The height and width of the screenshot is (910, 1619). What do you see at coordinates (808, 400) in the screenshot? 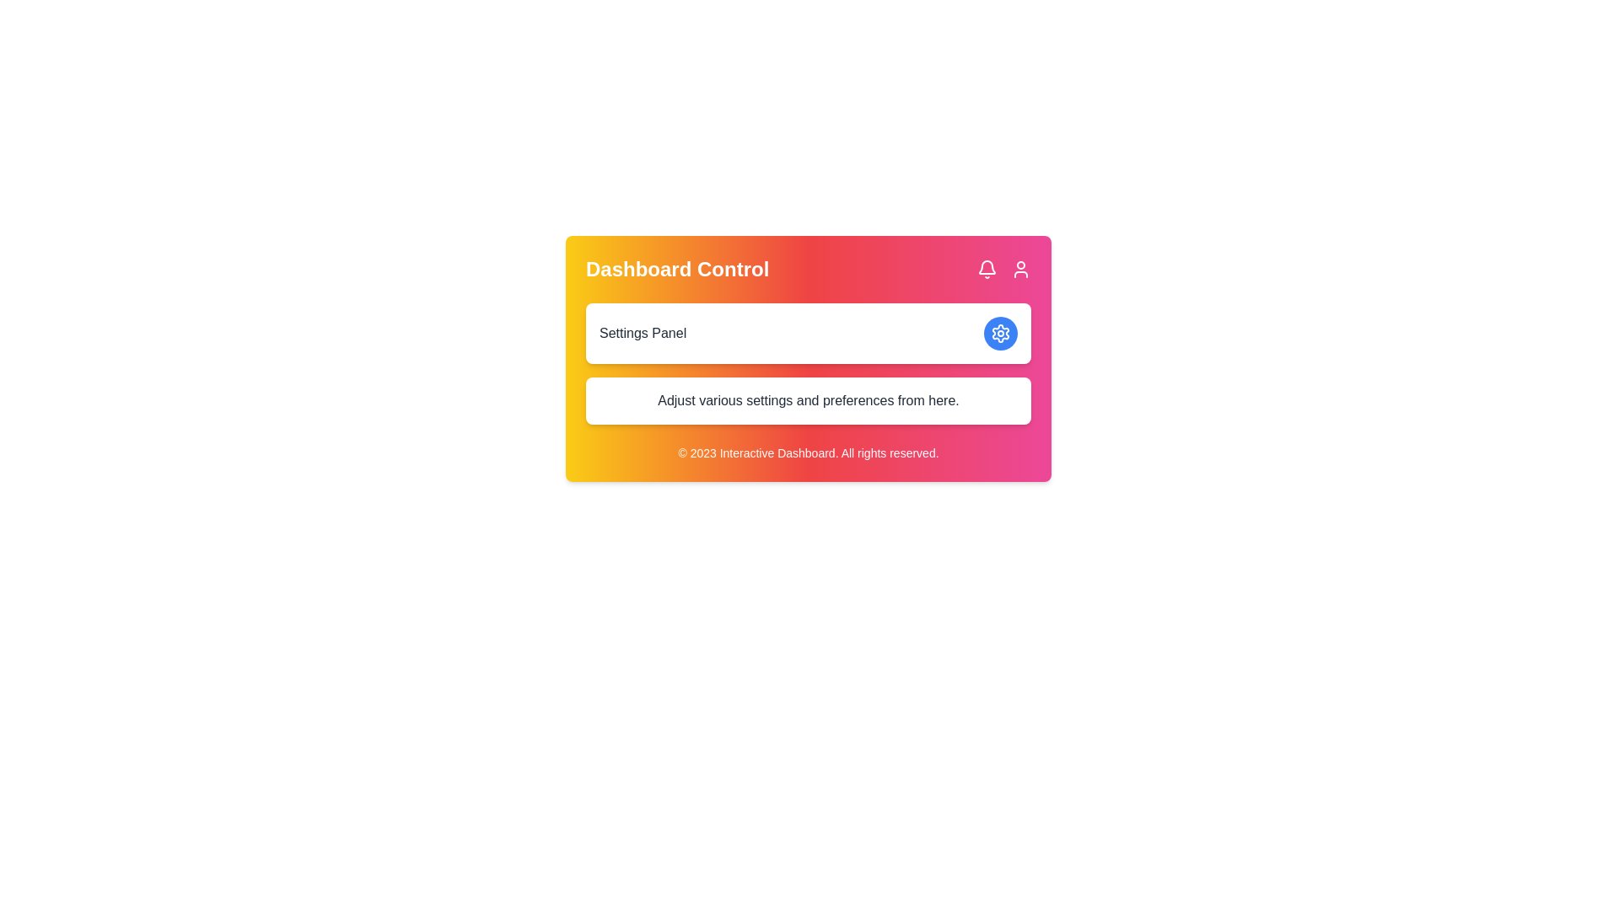
I see `the informational text label that provides guidance about the functionality of the surrounding section, located within the card below the 'Settings Panel'` at bounding box center [808, 400].